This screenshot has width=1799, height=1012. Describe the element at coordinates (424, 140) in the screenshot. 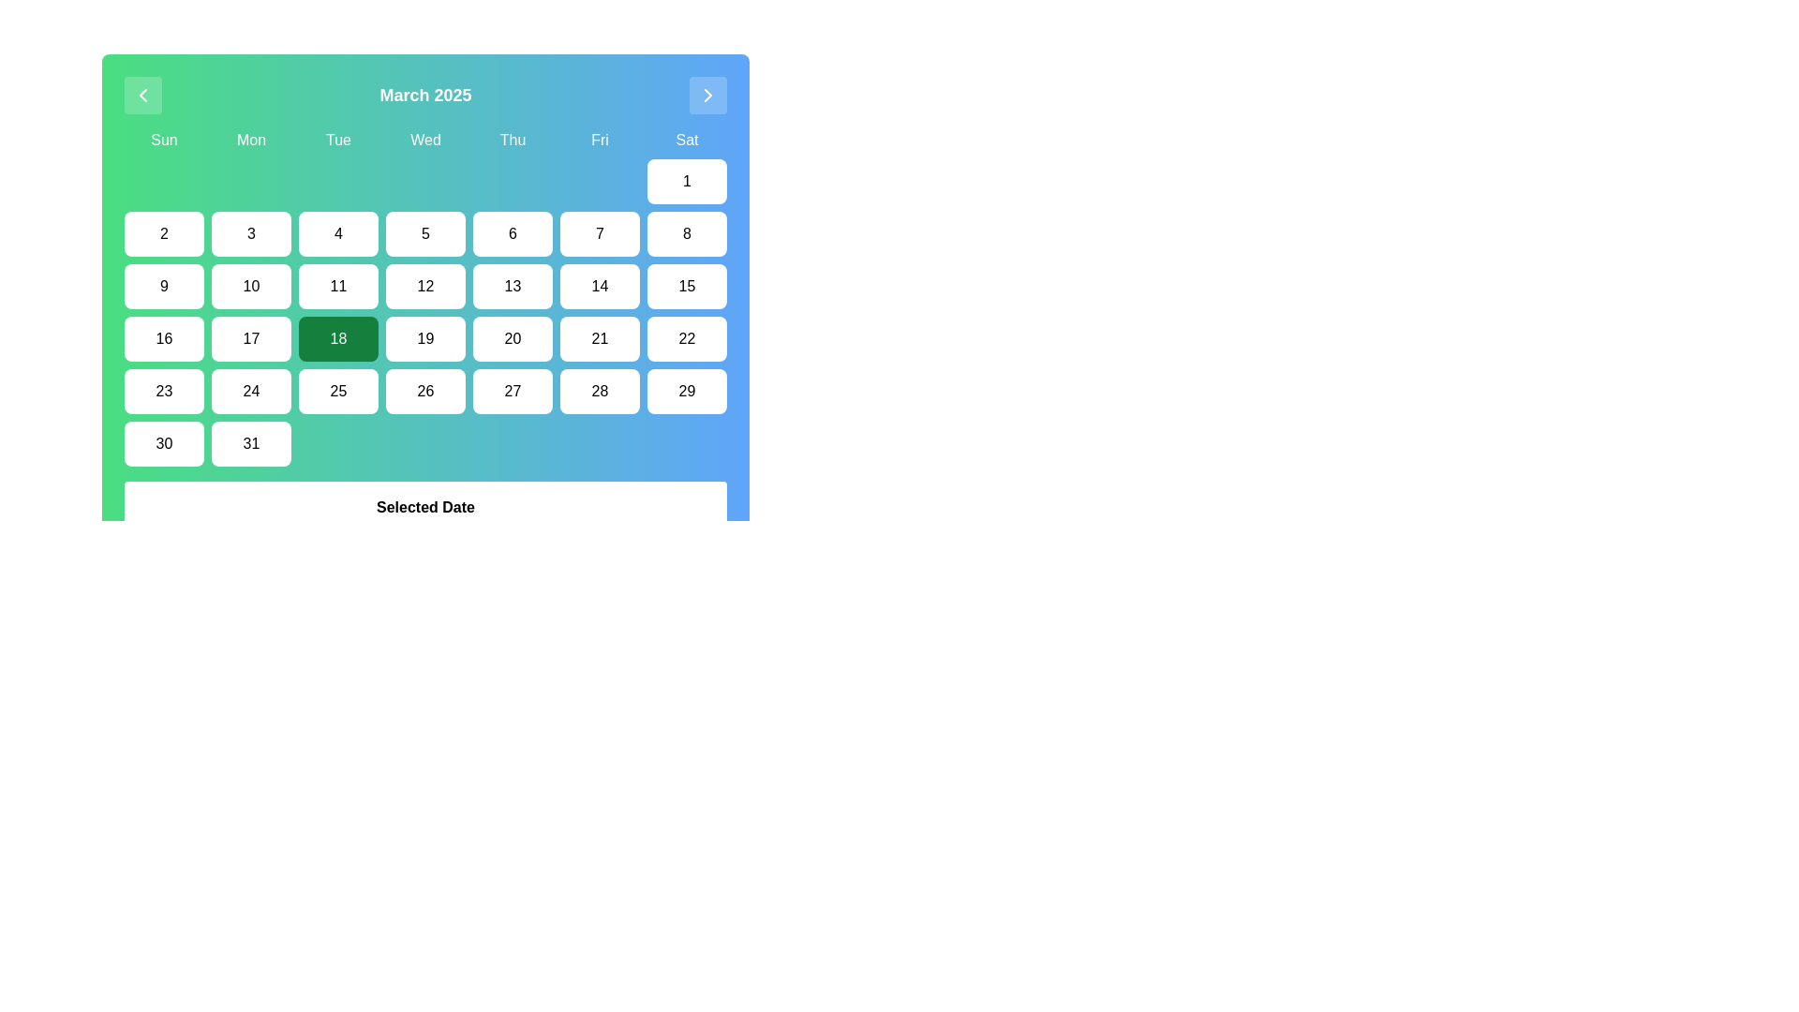

I see `the text label representing Wednesday in the calendar interface, which is the fourth item in the header row of the calendar grid` at that location.